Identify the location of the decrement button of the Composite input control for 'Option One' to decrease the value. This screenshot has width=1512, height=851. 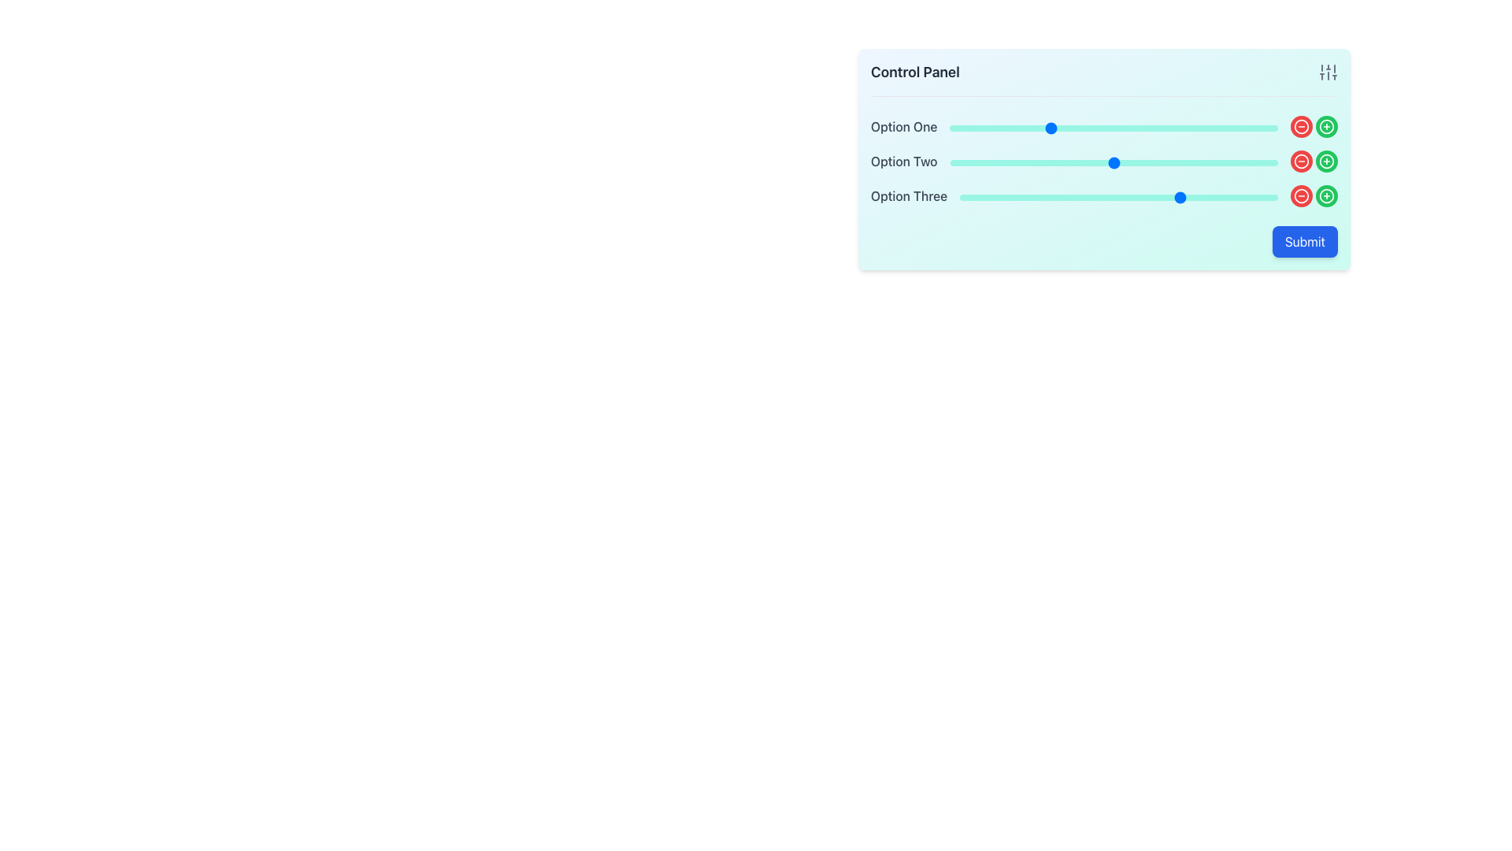
(1103, 126).